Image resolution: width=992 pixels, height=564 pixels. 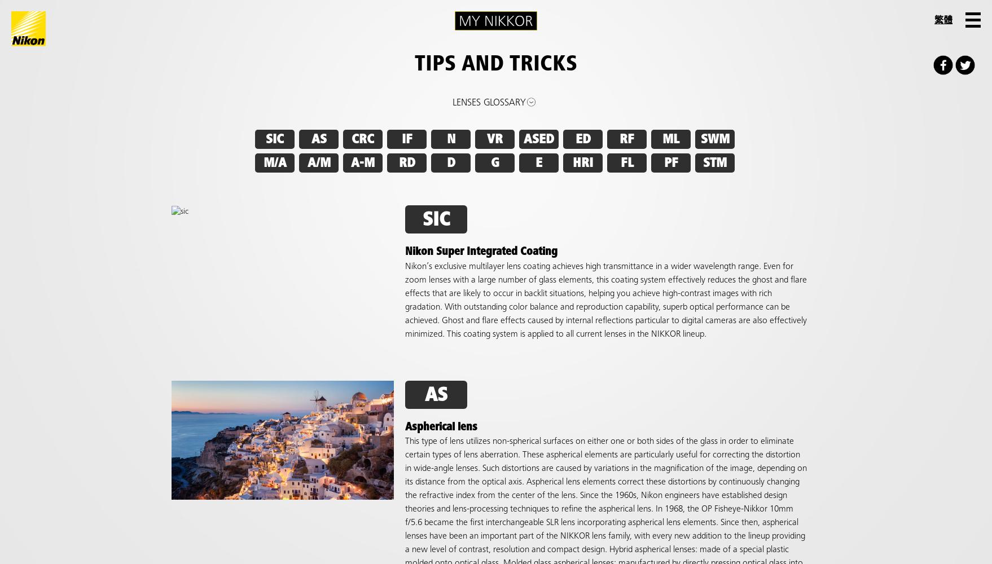 What do you see at coordinates (489, 163) in the screenshot?
I see `'G'` at bounding box center [489, 163].